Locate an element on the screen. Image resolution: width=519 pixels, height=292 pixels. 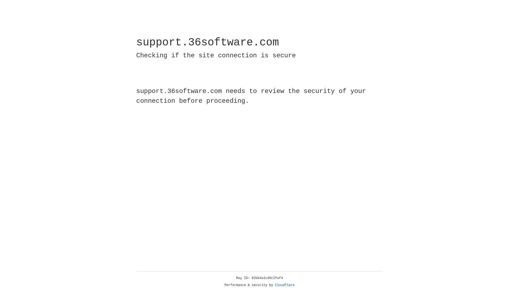
'Cloudflare' is located at coordinates (275, 285).